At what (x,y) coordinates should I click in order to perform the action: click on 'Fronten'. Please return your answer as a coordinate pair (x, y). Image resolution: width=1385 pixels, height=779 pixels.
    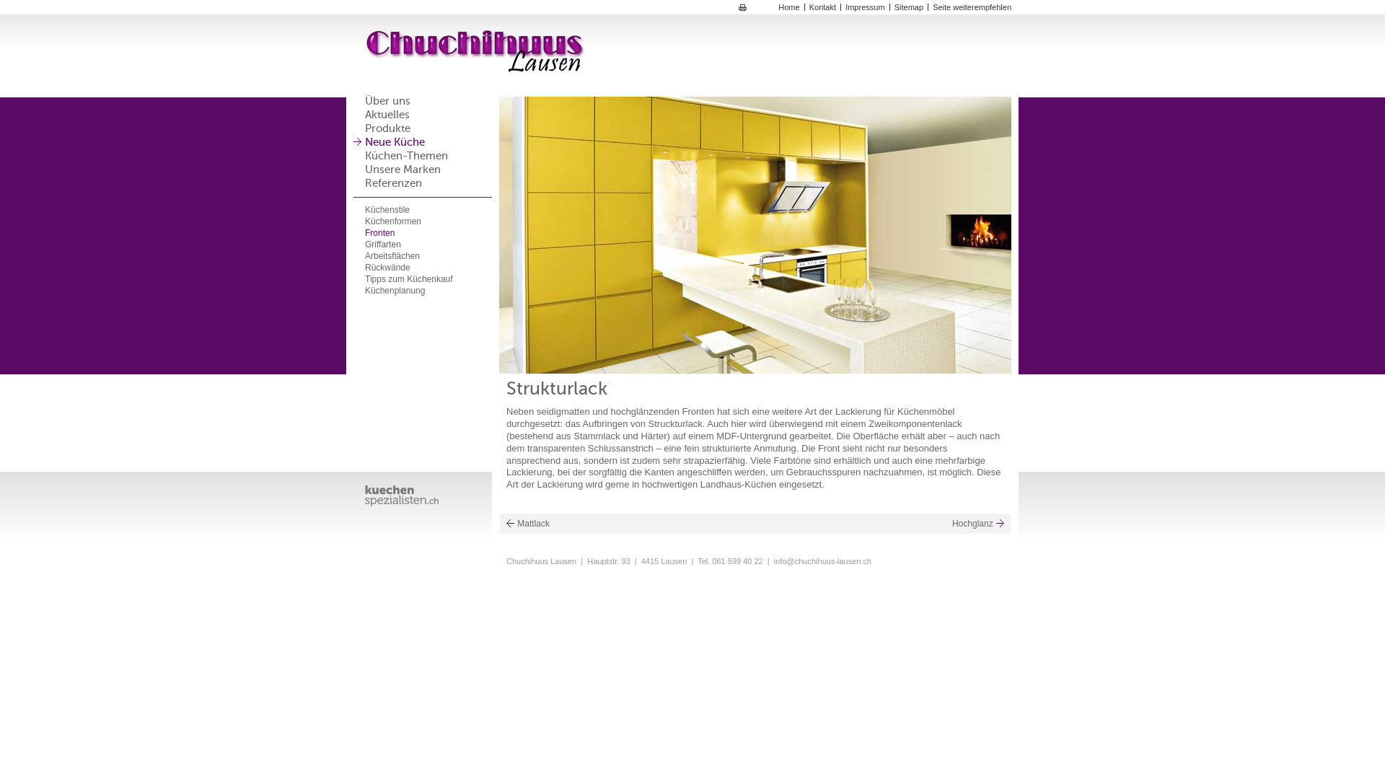
    Looking at the image, I should click on (379, 232).